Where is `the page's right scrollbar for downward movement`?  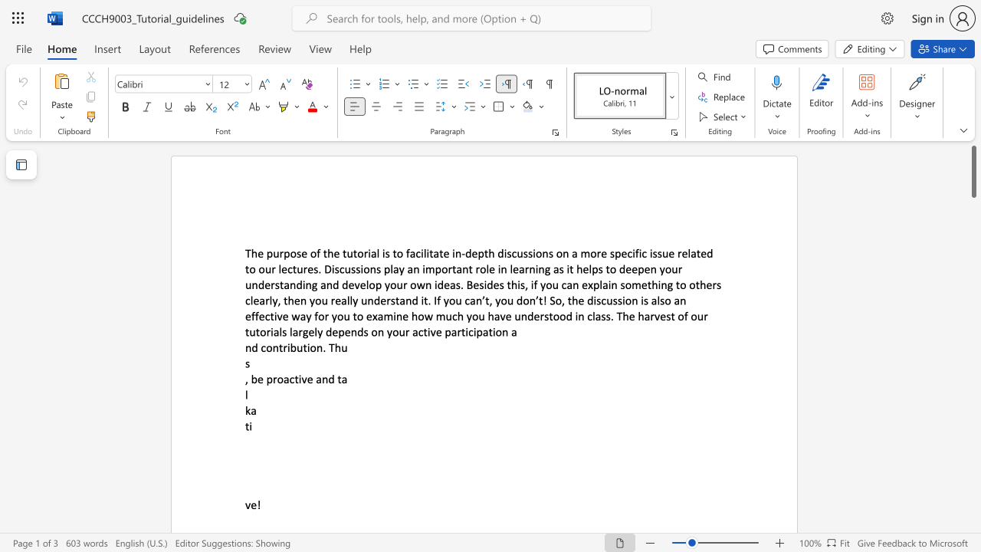
the page's right scrollbar for downward movement is located at coordinates (973, 360).